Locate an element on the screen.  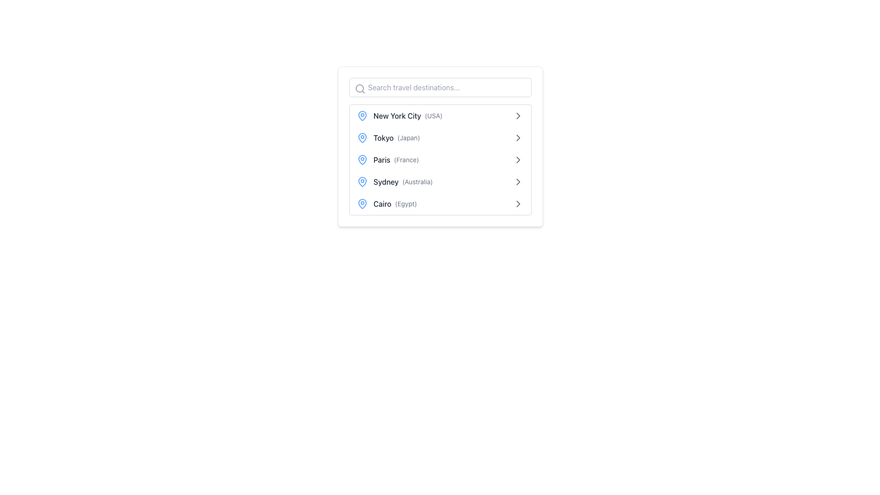
the text of the fifth list item indicating the location 'Cairo, Egypt' is located at coordinates (387, 203).